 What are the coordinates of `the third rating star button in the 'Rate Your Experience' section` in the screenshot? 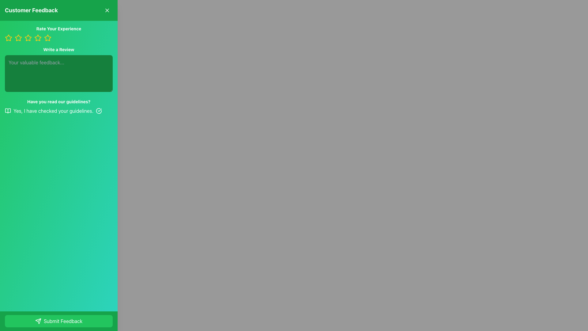 It's located at (28, 38).